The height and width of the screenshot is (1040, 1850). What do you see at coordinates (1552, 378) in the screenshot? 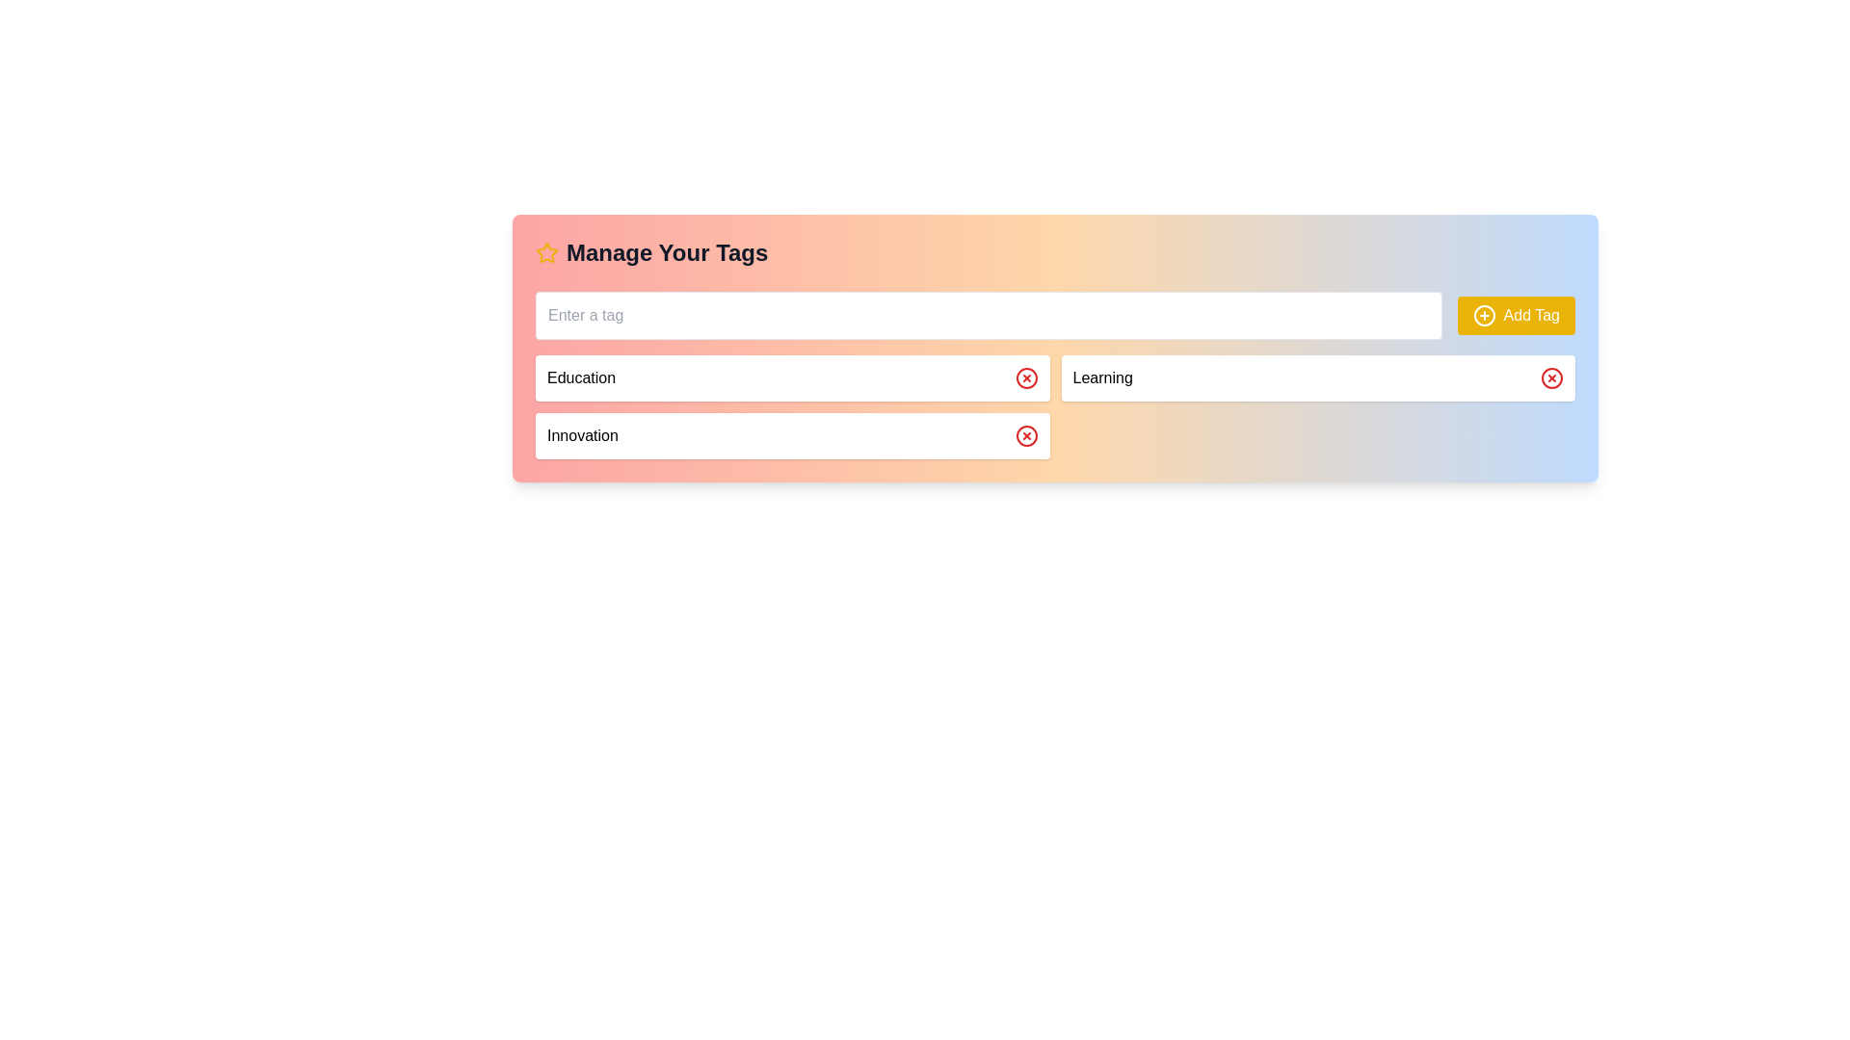
I see `the delete button located on the far-right side of the tag input area` at bounding box center [1552, 378].